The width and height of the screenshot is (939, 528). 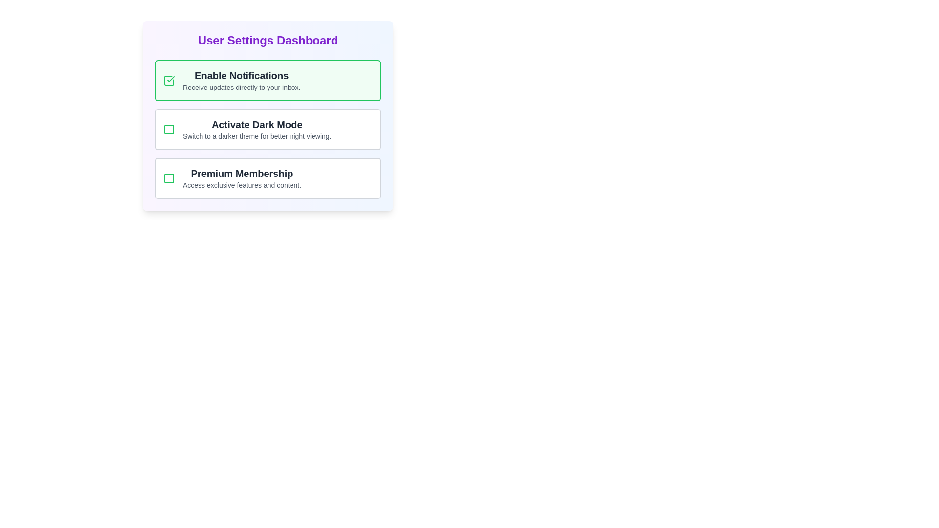 What do you see at coordinates (242, 178) in the screenshot?
I see `the checkbox associated with the 'Premium Membership' text label to enable the option` at bounding box center [242, 178].